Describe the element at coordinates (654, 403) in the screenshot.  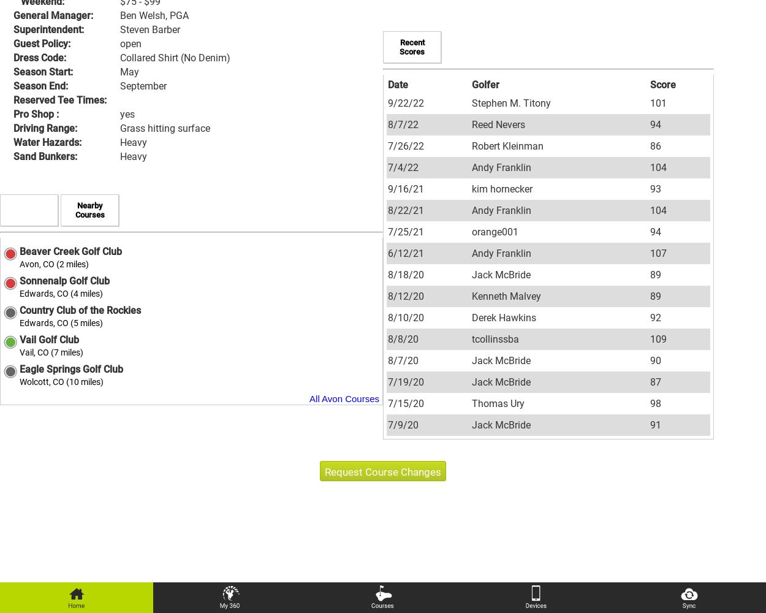
I see `'98'` at that location.